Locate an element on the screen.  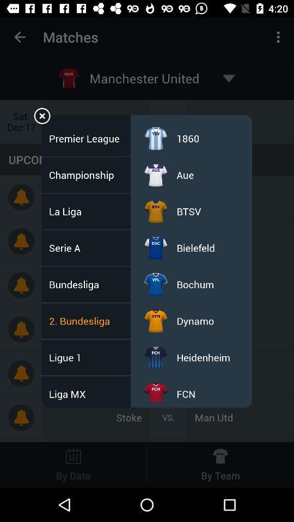
icon above bielefeld is located at coordinates (188, 210).